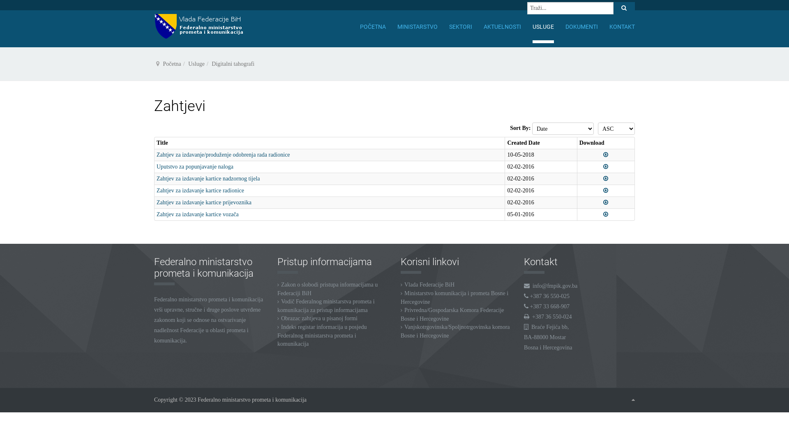 The height and width of the screenshot is (444, 789). What do you see at coordinates (555, 285) in the screenshot?
I see `'info@fmpik.gov.ba'` at bounding box center [555, 285].